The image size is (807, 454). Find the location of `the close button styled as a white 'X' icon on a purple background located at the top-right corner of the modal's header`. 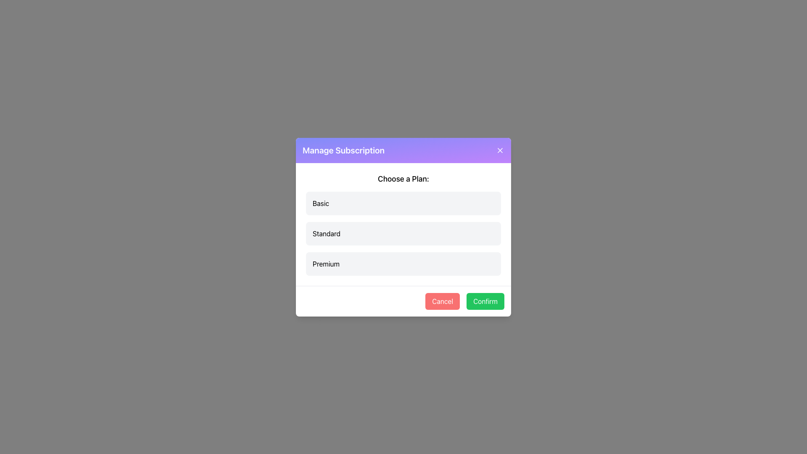

the close button styled as a white 'X' icon on a purple background located at the top-right corner of the modal's header is located at coordinates (500, 150).